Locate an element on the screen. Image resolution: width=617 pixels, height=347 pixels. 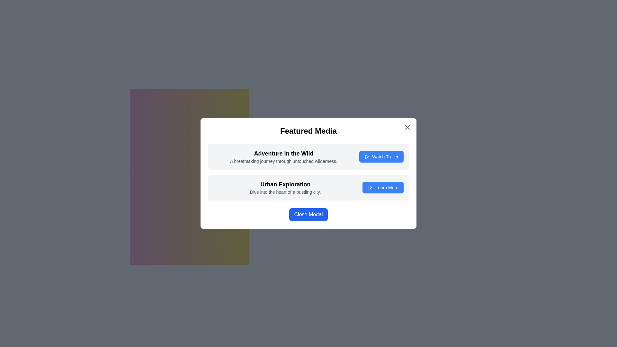
the bold and centered text label with the content 'Featured Media', which is positioned at the top of the modal window is located at coordinates (308, 131).